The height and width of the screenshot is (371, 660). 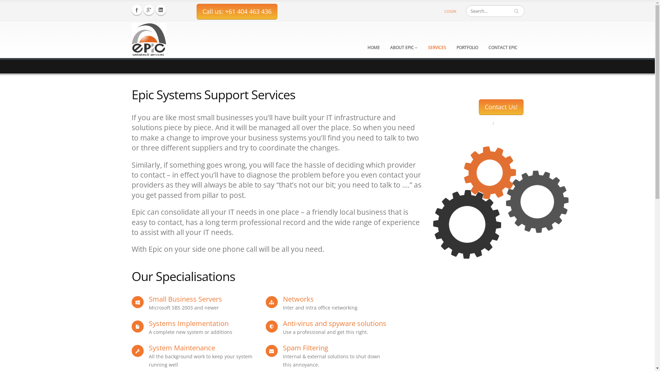 What do you see at coordinates (136, 10) in the screenshot?
I see `'Facebook'` at bounding box center [136, 10].